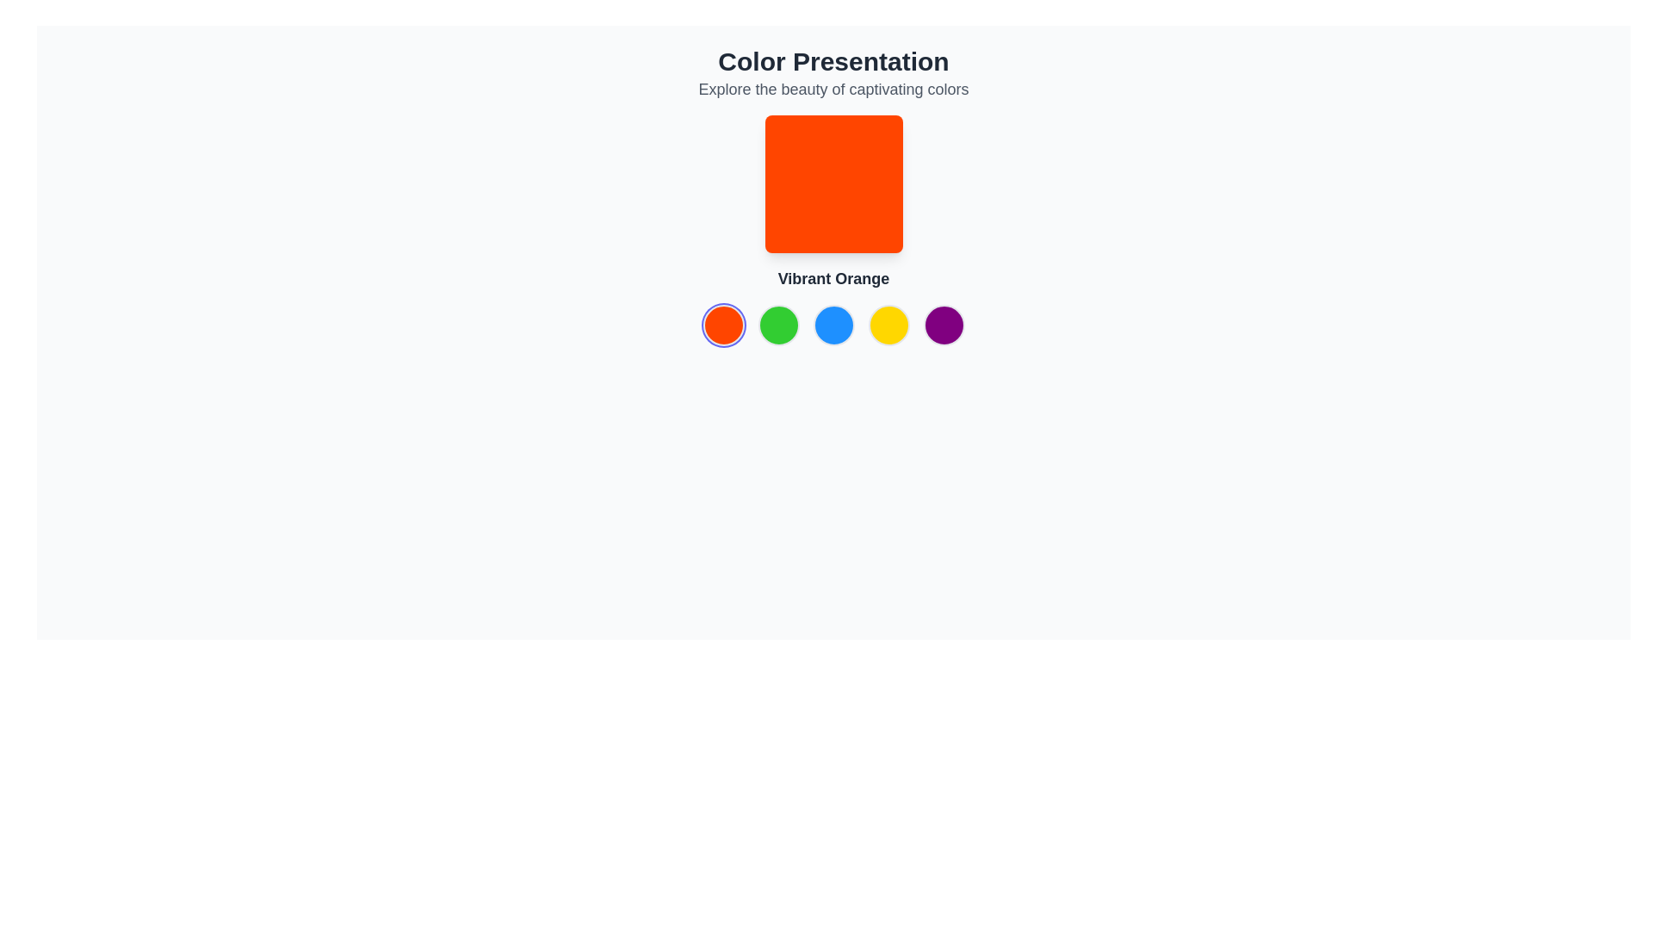  I want to click on the second circular color selector element, which is positioned horizontally below the orange square labeled 'Vibrant Orange', so click(777, 325).